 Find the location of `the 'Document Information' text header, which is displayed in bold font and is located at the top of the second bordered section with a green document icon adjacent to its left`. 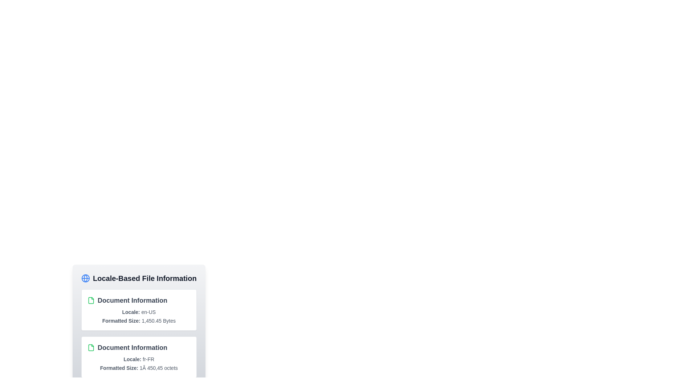

the 'Document Information' text header, which is displayed in bold font and is located at the top of the second bordered section with a green document icon adjacent to its left is located at coordinates (139, 347).